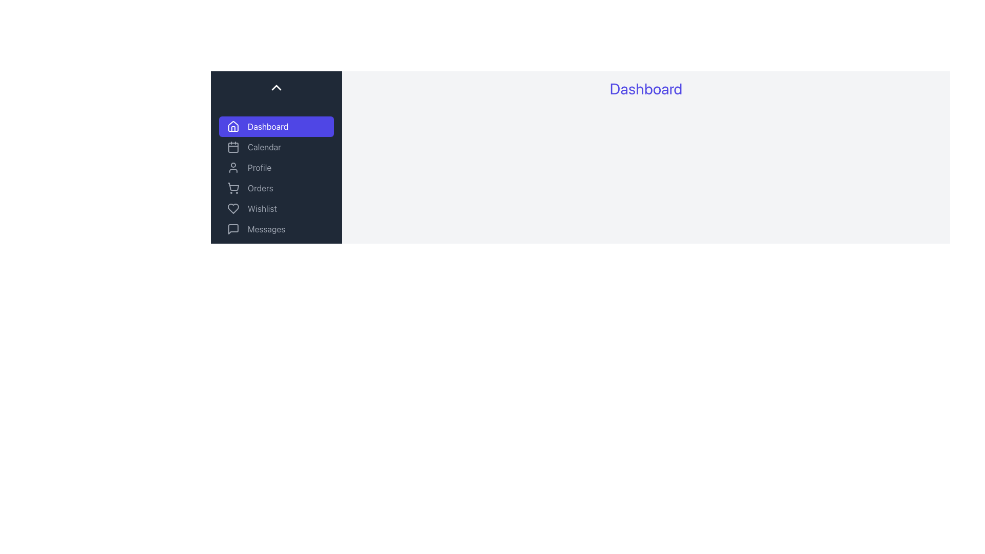  I want to click on the upward-pointing chevron icon button located at the top of the vertical sidebar menu, so click(276, 87).